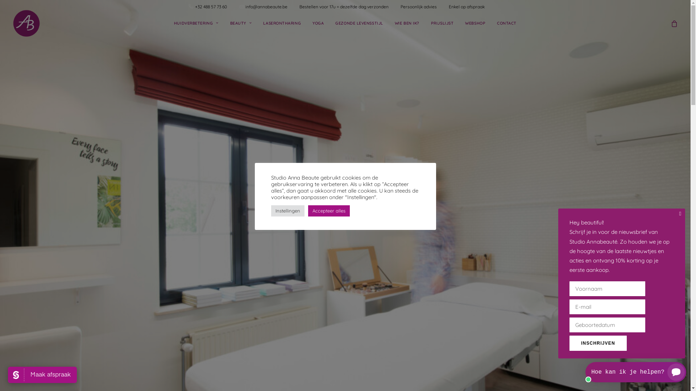  What do you see at coordinates (216, 7) in the screenshot?
I see `'+32 488 57 73 60'` at bounding box center [216, 7].